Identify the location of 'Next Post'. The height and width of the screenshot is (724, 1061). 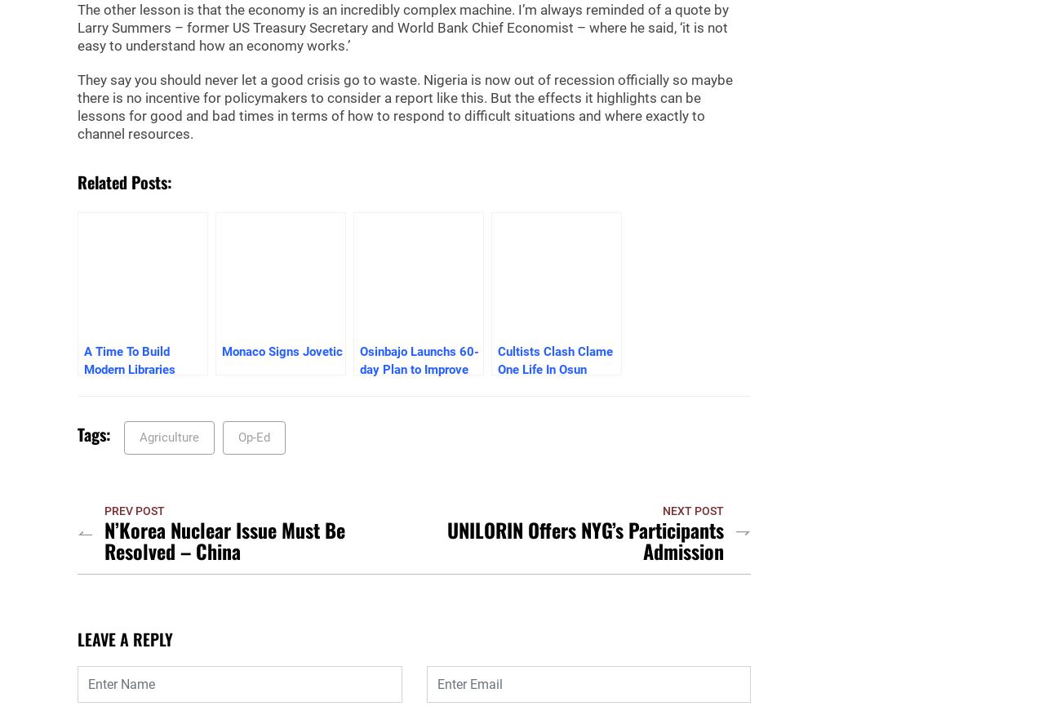
(693, 510).